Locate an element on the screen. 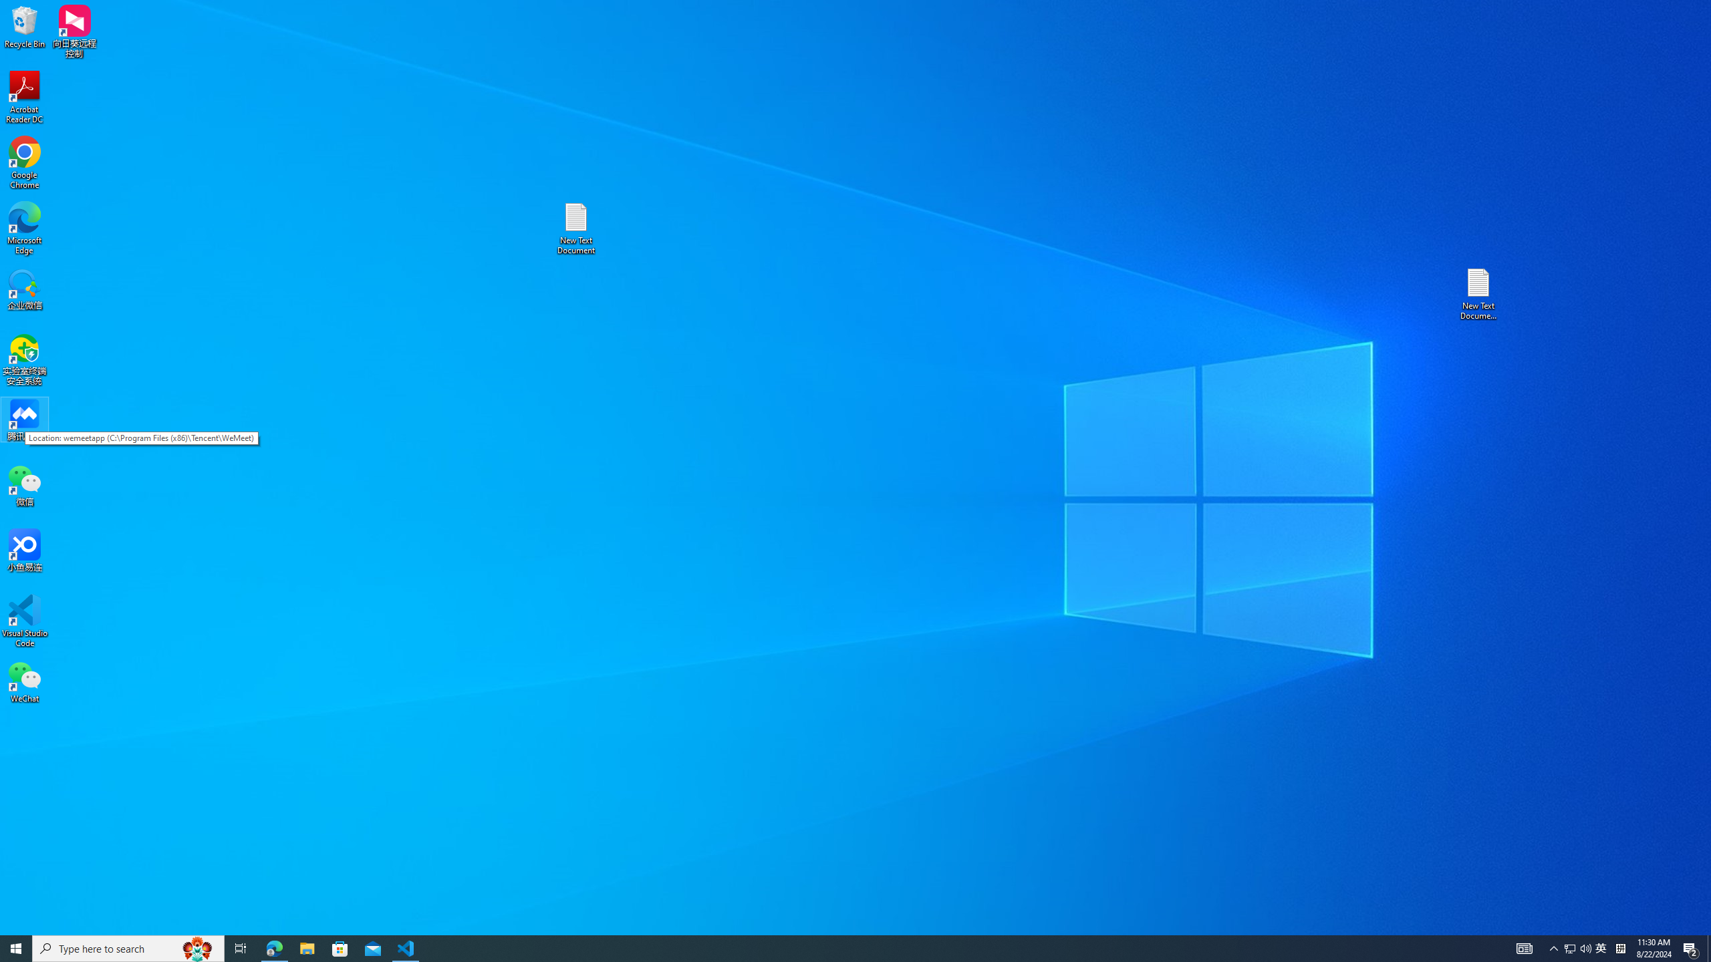  'Microsoft Edge' is located at coordinates (24, 228).